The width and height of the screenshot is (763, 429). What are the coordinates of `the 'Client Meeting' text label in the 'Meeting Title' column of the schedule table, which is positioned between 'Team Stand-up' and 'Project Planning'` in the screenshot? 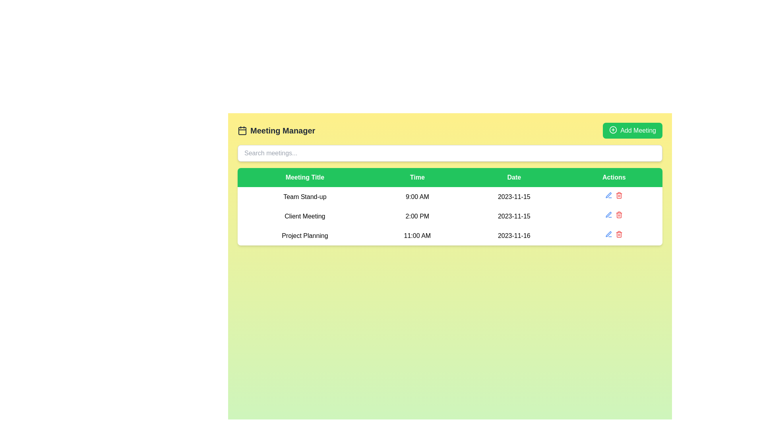 It's located at (304, 216).